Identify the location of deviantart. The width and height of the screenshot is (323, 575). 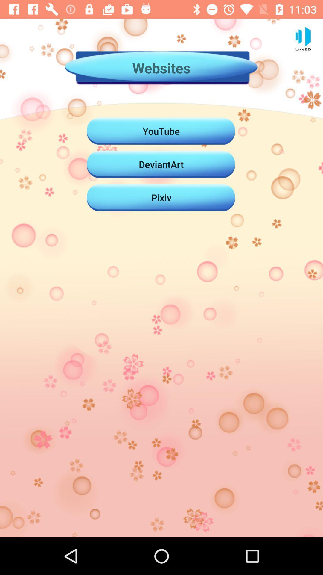
(161, 164).